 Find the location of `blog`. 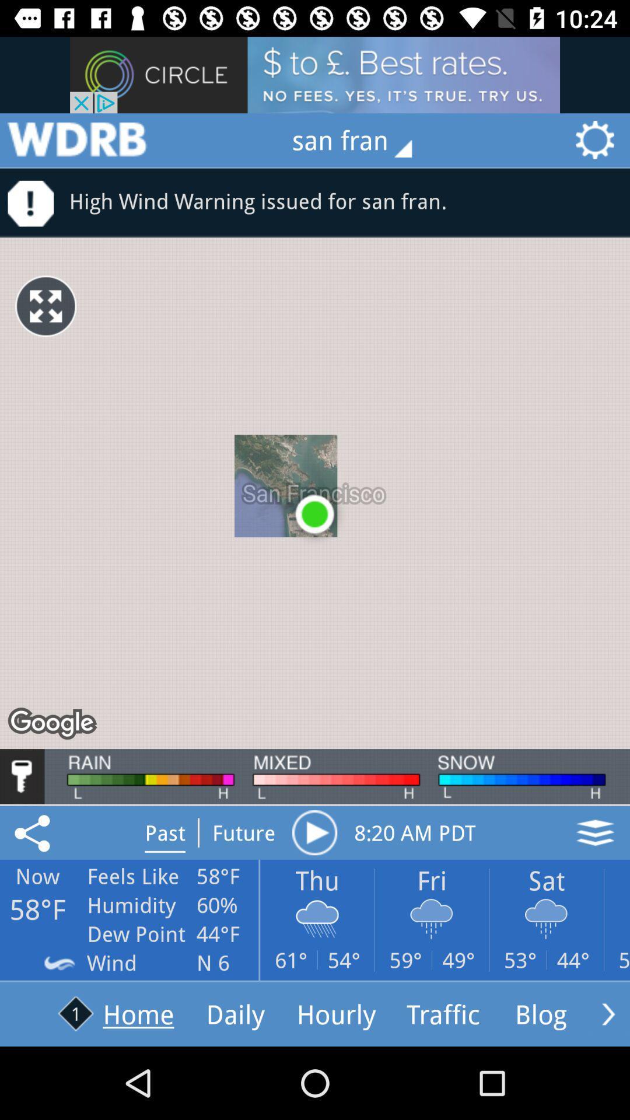

blog is located at coordinates (608, 1013).